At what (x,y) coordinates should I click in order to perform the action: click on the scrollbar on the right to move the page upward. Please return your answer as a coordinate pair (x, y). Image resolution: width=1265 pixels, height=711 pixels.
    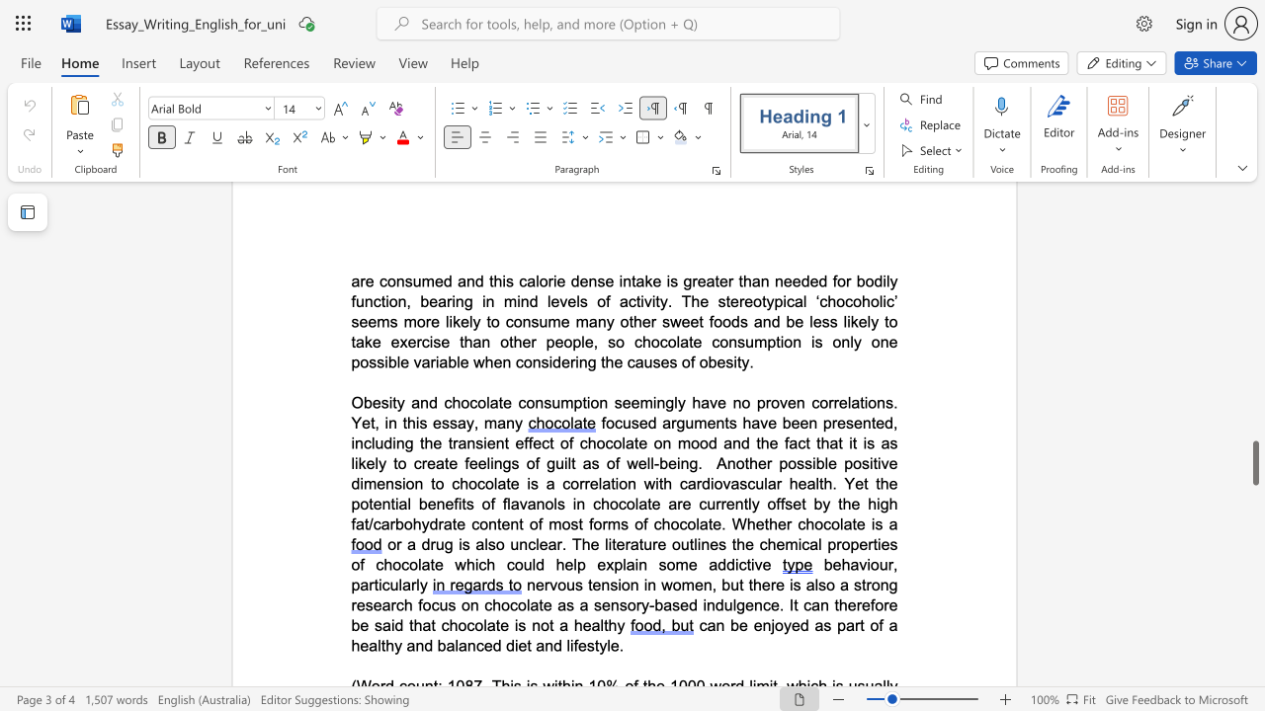
    Looking at the image, I should click on (1254, 413).